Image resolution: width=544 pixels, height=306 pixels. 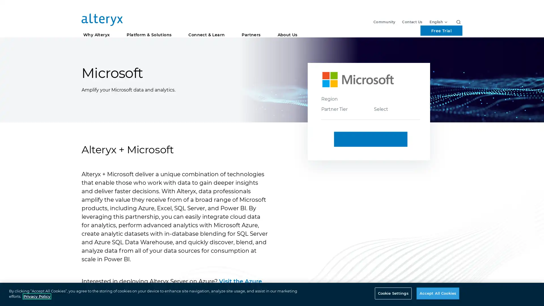 What do you see at coordinates (458, 8) in the screenshot?
I see `Open search pop up` at bounding box center [458, 8].